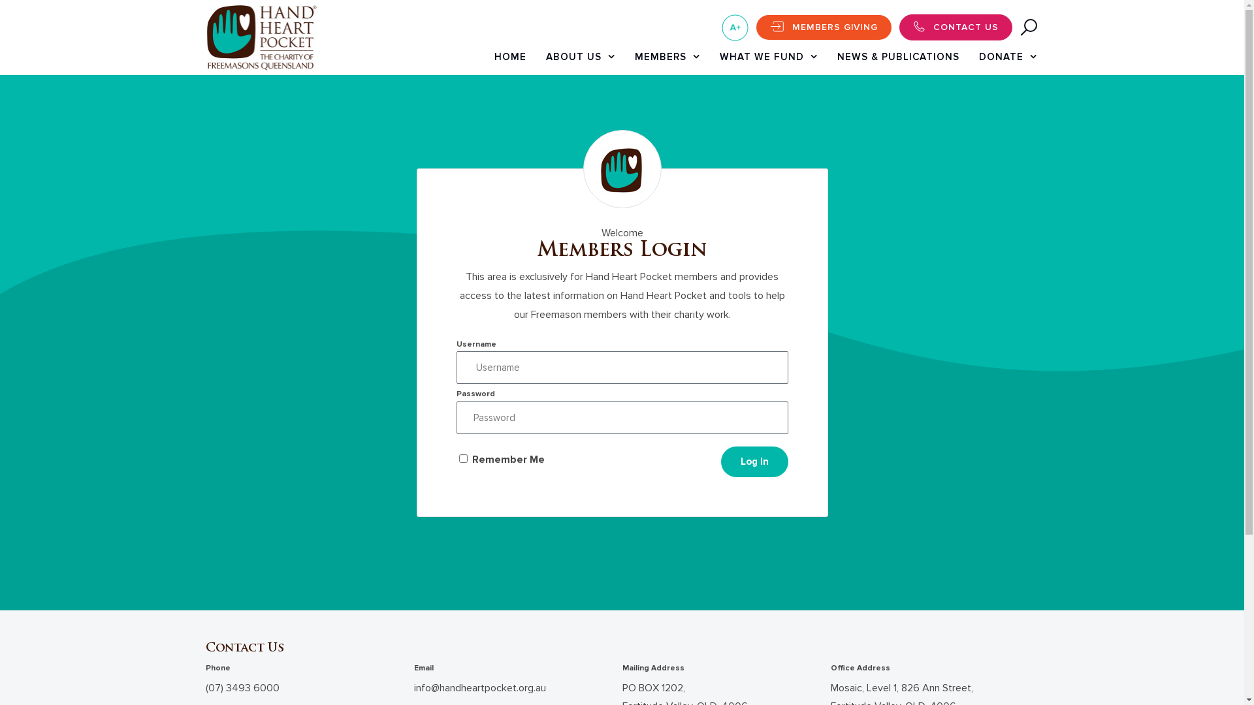 The width and height of the screenshot is (1254, 705). I want to click on '(07) 3493 6000', so click(242, 687).